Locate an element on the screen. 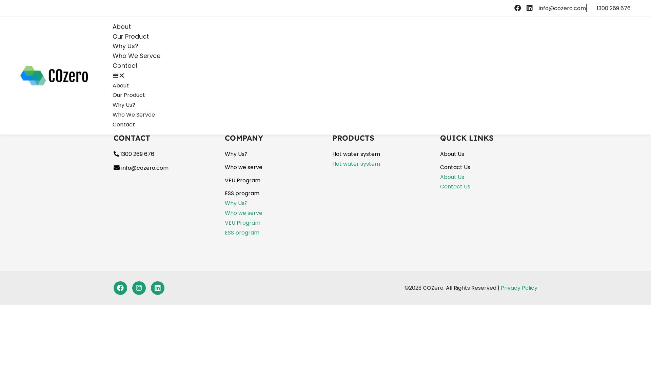 The height and width of the screenshot is (366, 651). 'Who we serve' is located at coordinates (243, 167).